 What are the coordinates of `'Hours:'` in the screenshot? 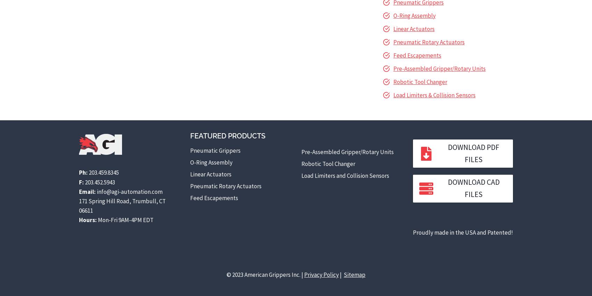 It's located at (78, 220).